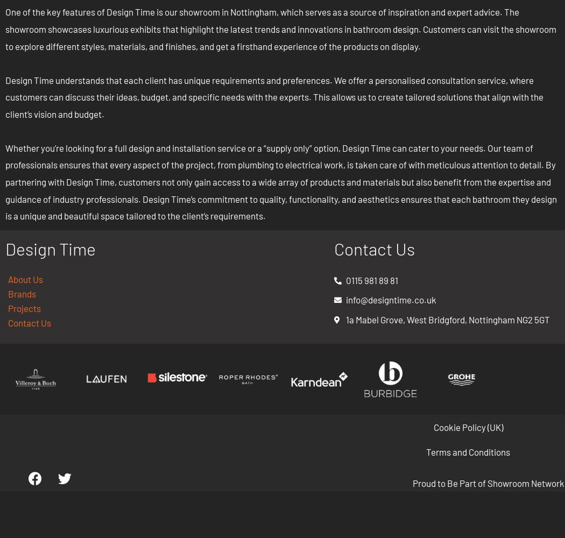 This screenshot has height=538, width=565. I want to click on 'Projects', so click(24, 307).